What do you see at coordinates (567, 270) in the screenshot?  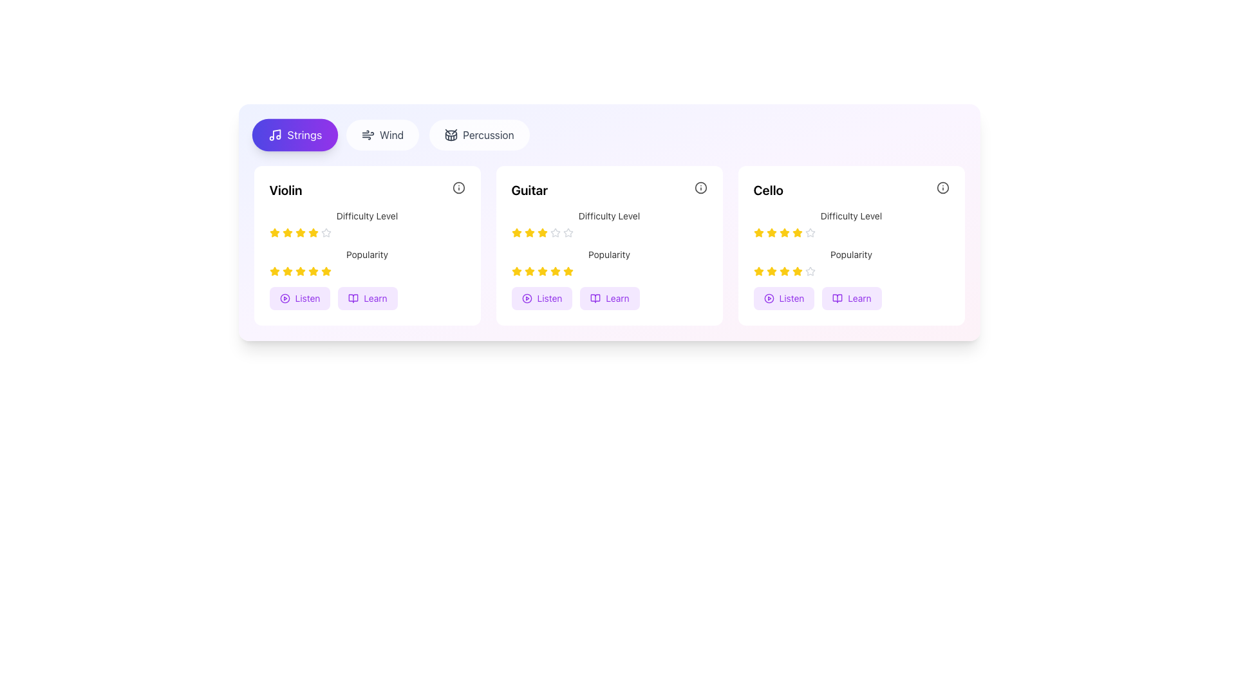 I see `the second yellow star-shaped icon in the popularity rating section of the Guitar card` at bounding box center [567, 270].